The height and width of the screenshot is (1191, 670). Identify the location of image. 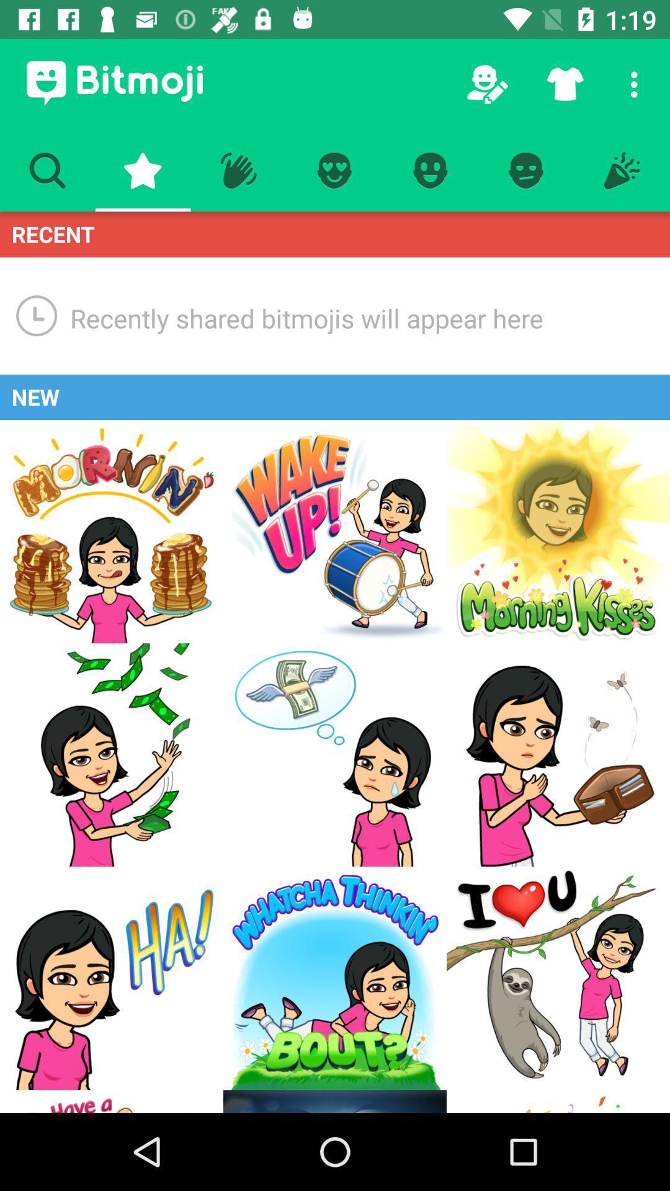
(335, 754).